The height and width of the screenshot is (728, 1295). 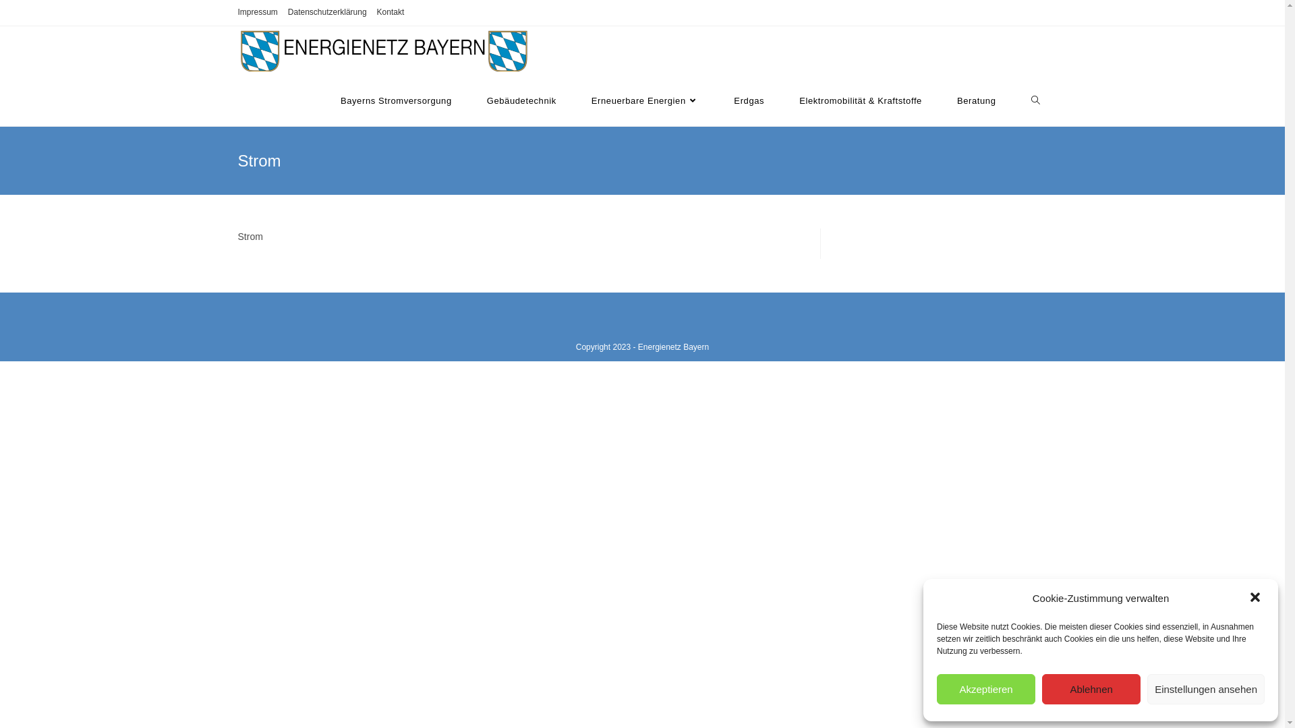 I want to click on 'Kontakt', so click(x=390, y=13).